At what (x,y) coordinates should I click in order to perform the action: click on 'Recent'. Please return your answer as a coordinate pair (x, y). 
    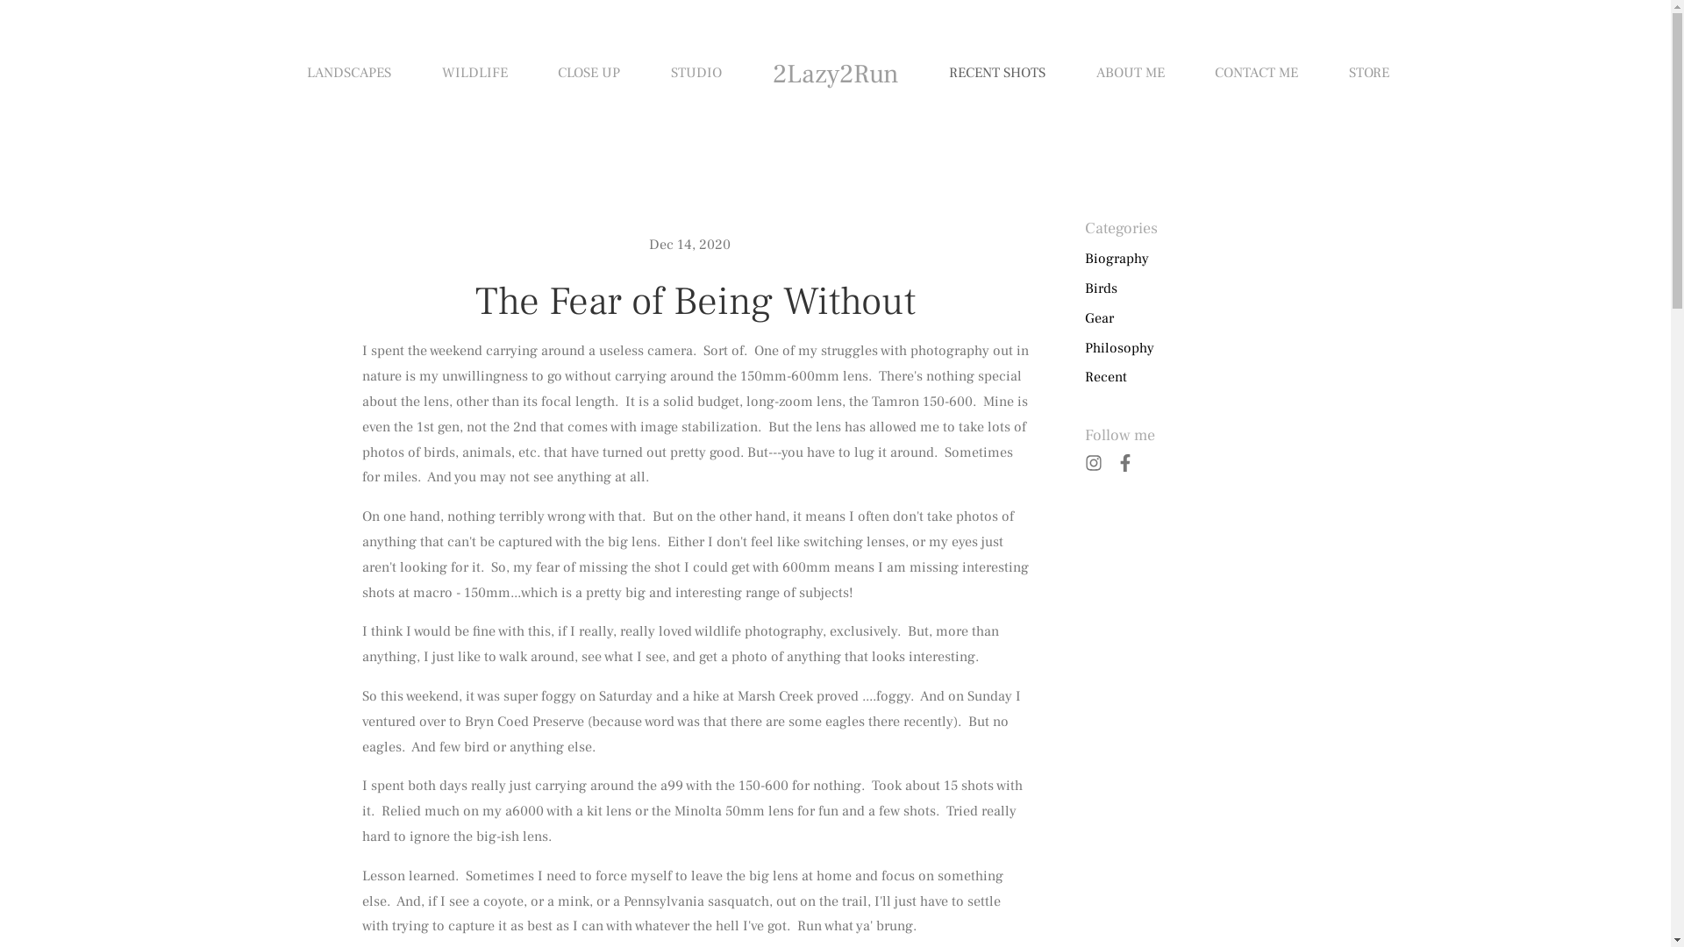
    Looking at the image, I should click on (1103, 376).